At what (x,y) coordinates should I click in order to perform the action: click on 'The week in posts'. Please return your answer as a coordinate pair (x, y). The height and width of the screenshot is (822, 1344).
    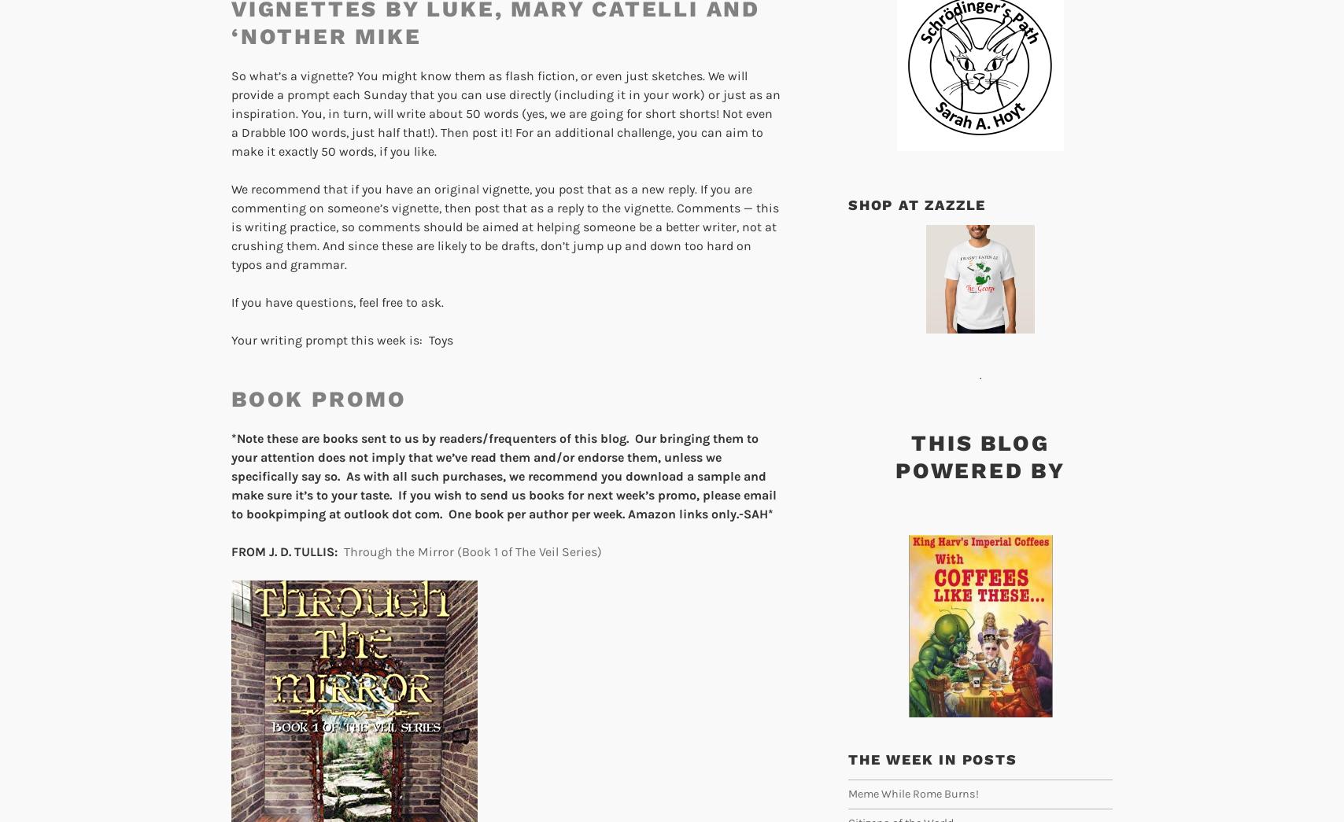
    Looking at the image, I should click on (932, 757).